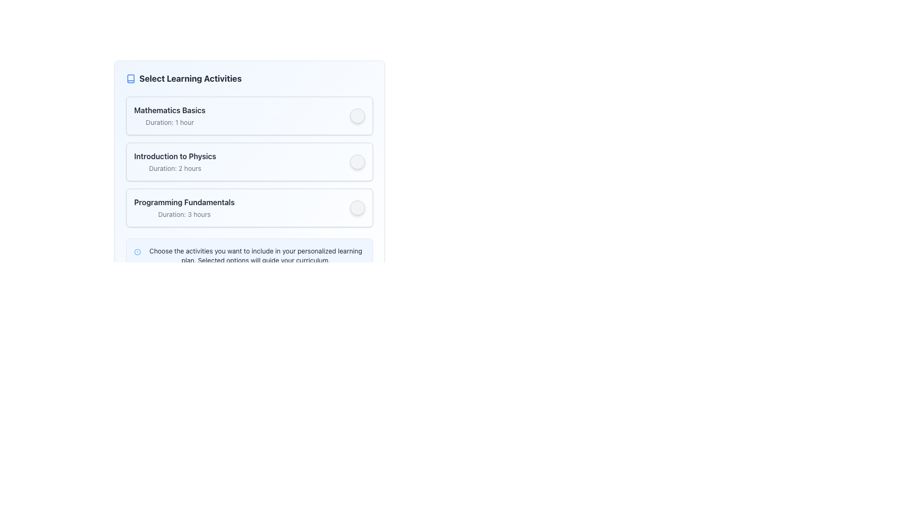 This screenshot has width=901, height=507. I want to click on the 'Introduction to Physics' selectable card, which is the second card in a vertically stacked list of three learning activity cards, so click(250, 155).